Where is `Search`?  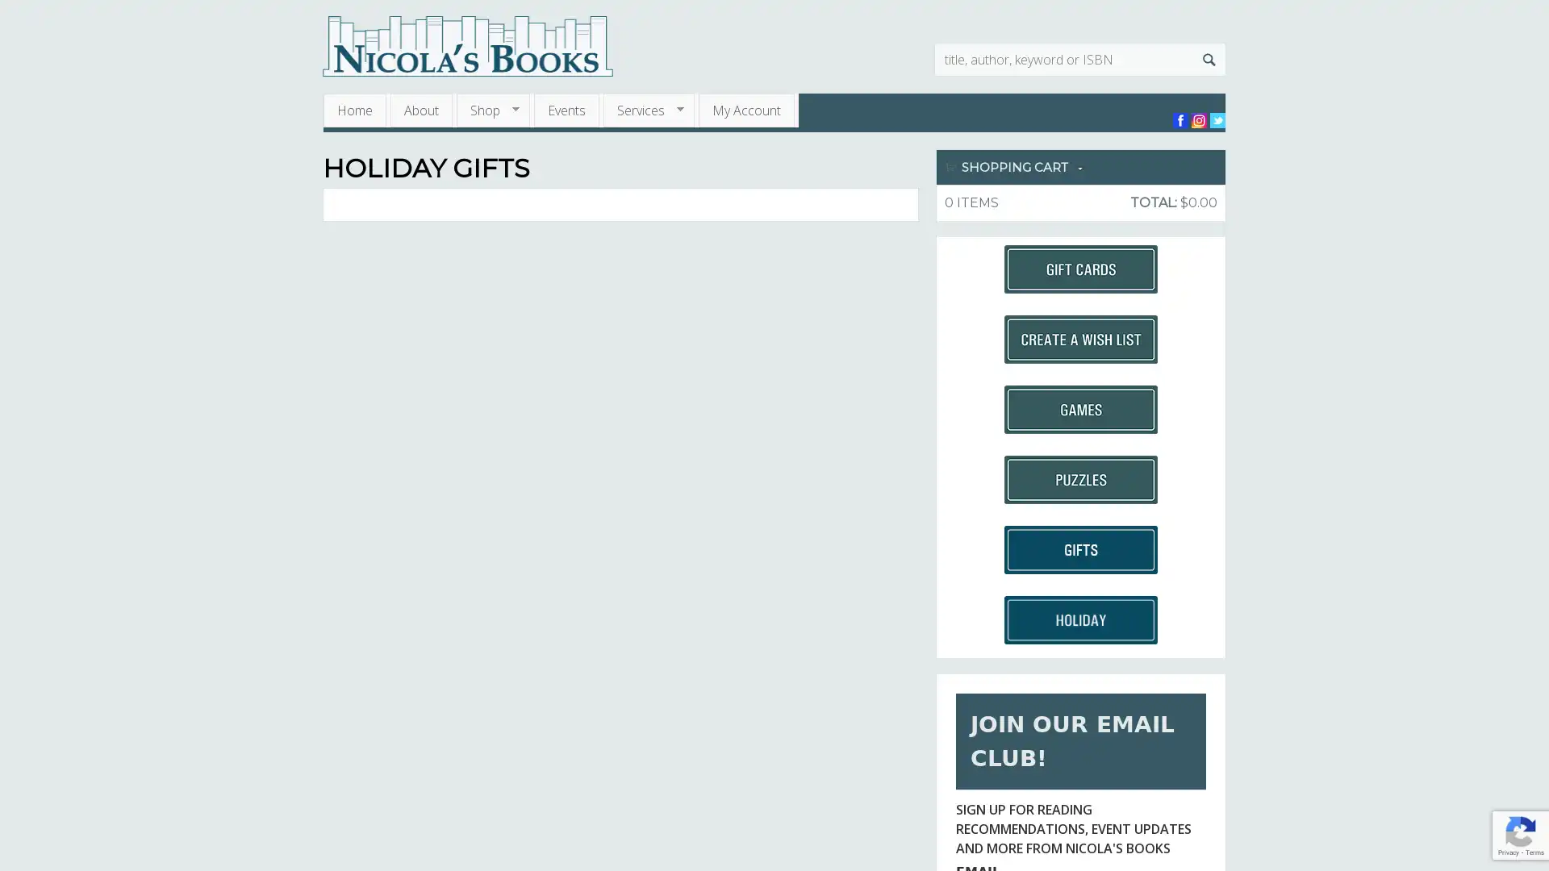
Search is located at coordinates (1209, 58).